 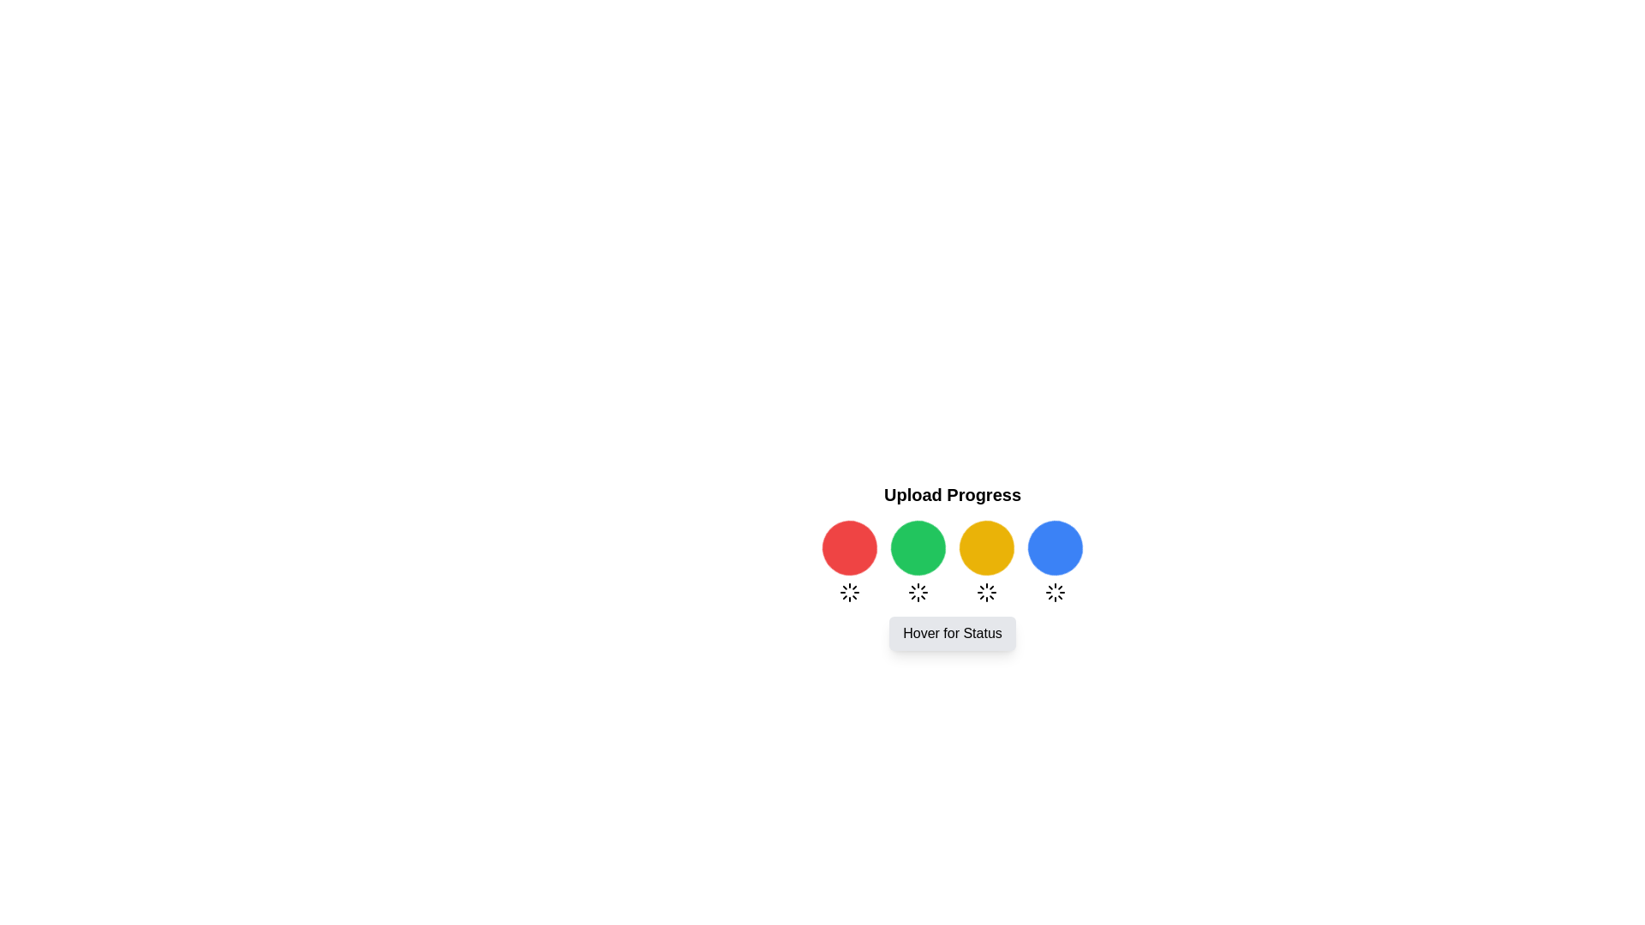 What do you see at coordinates (952, 634) in the screenshot?
I see `the 'Hover for Status' button, which is a rectangular button with a light gray background and rounded corners, located centrally beneath a row of colored circles in the 'Upload Progress' section` at bounding box center [952, 634].